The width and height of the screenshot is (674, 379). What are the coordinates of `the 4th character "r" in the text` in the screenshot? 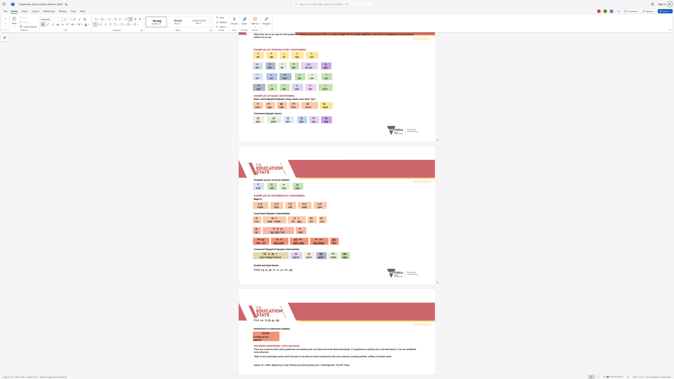 It's located at (290, 249).